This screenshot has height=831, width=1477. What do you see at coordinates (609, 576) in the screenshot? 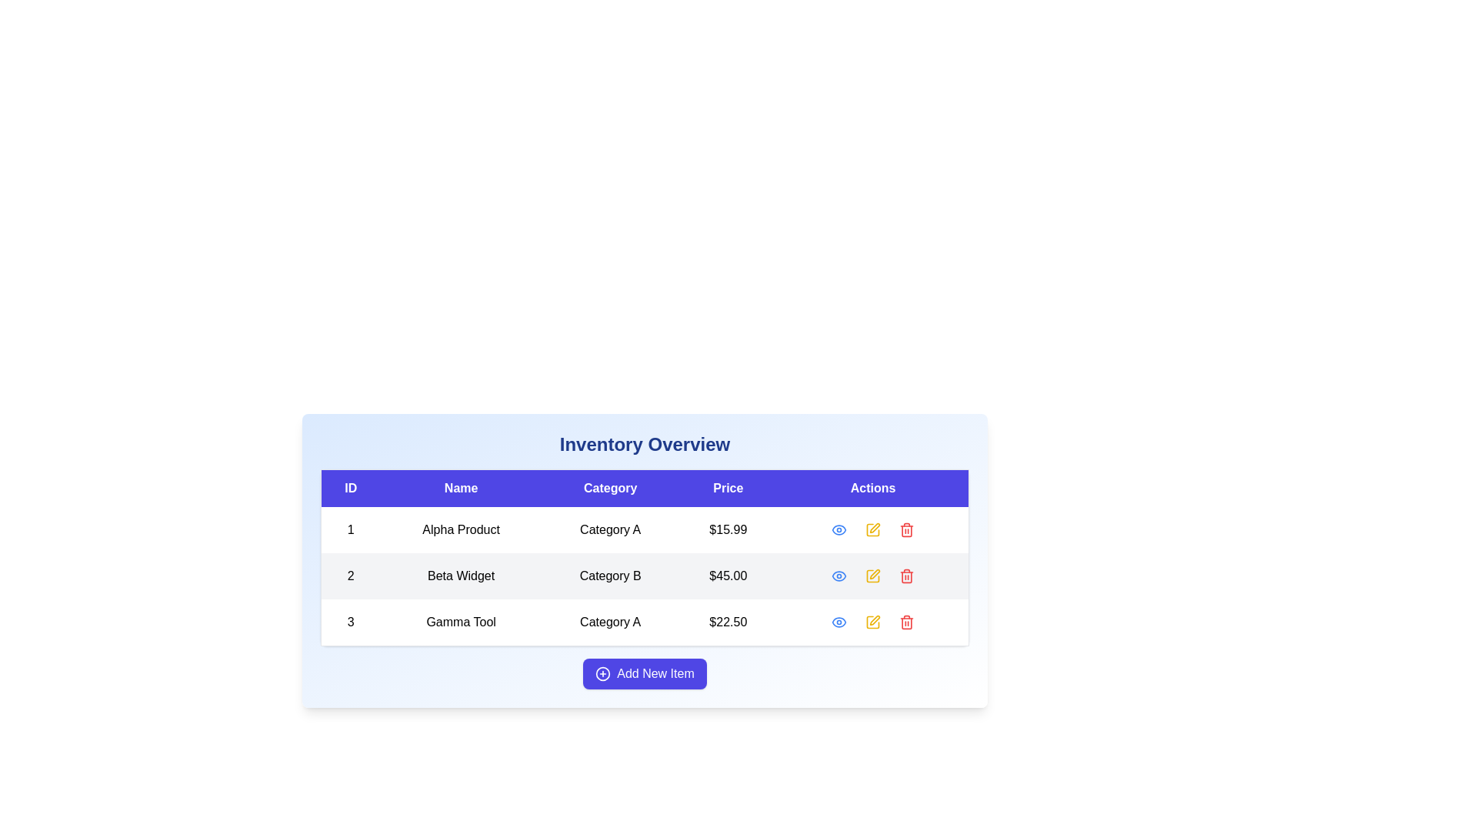
I see `the text element displaying 'Category B' in the third column of the second row of the table, which provides category information for the product` at bounding box center [609, 576].